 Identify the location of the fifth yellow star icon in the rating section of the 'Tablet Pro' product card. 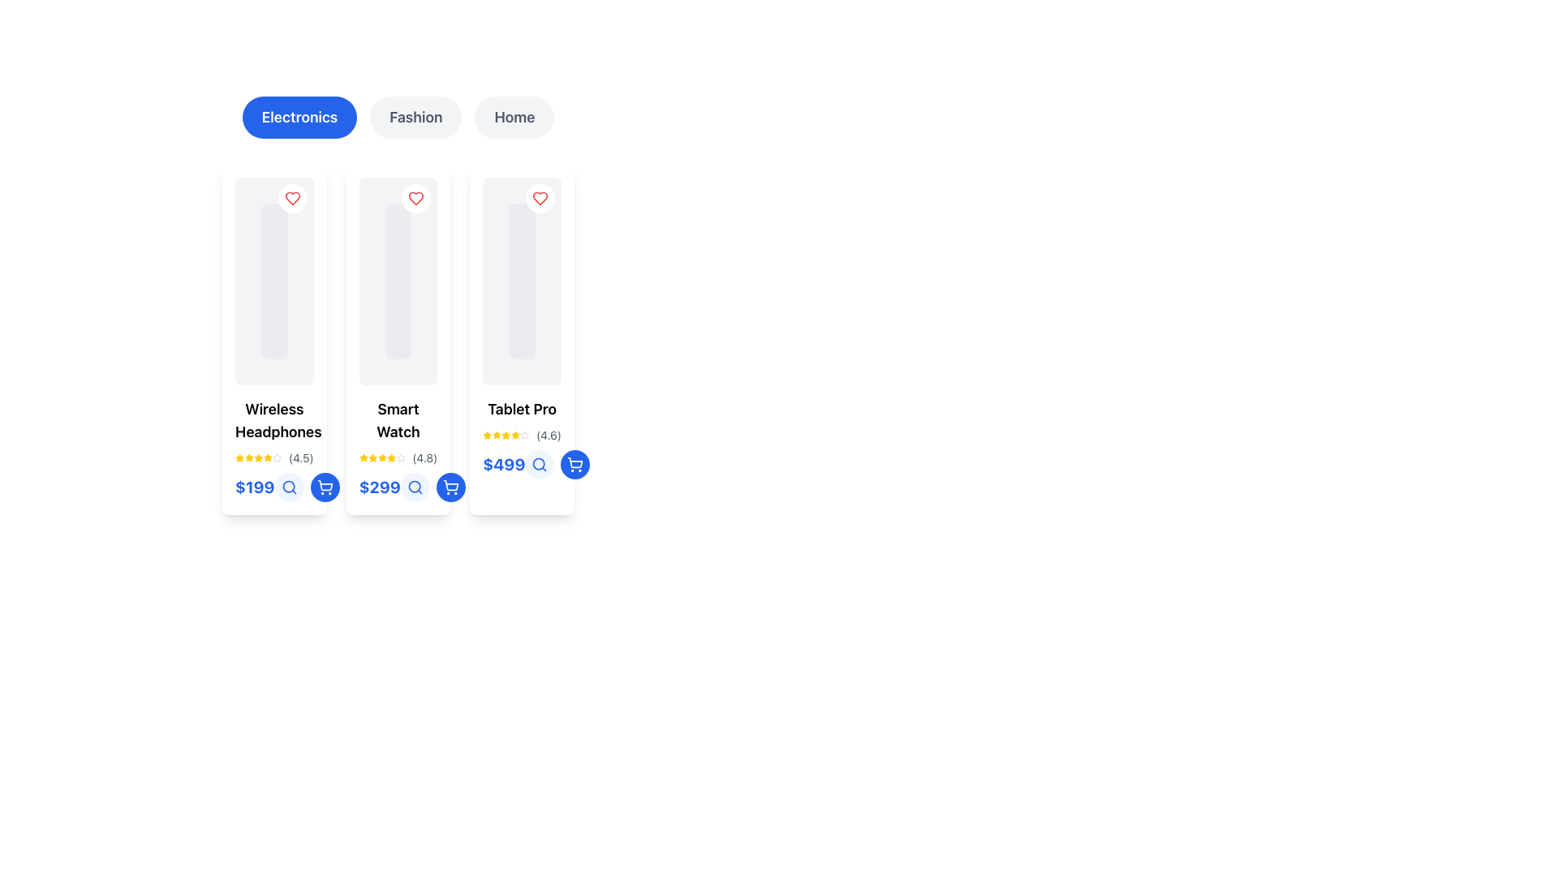
(514, 434).